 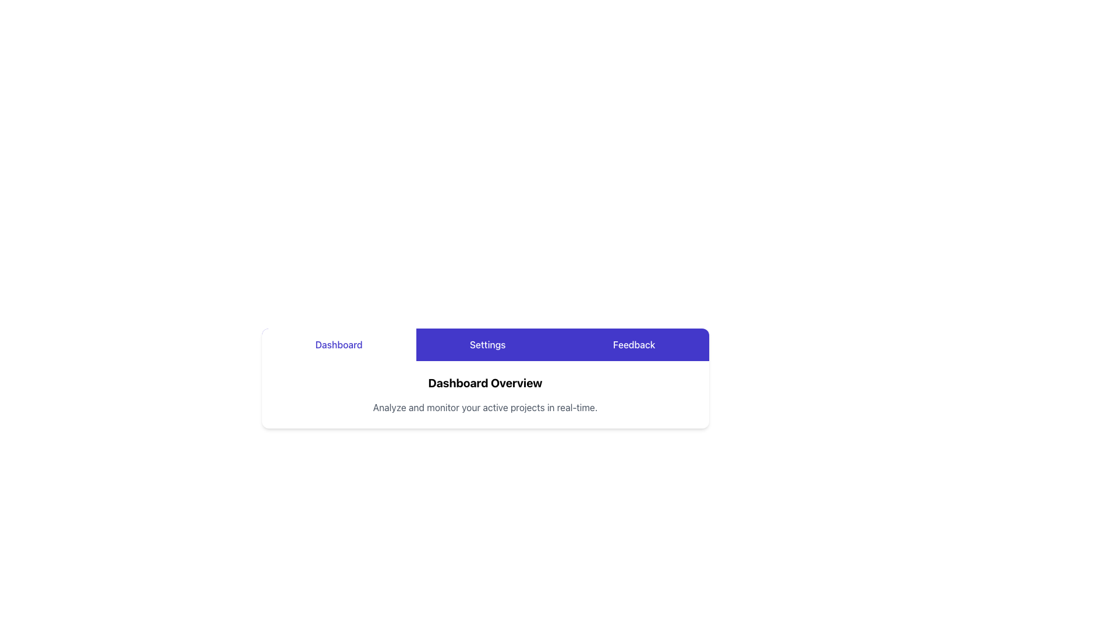 What do you see at coordinates (485, 394) in the screenshot?
I see `information displayed in the informational banner titled 'Dashboard Overview' which includes the subtitle 'Analyze and monitor your active projects in real-time.'` at bounding box center [485, 394].